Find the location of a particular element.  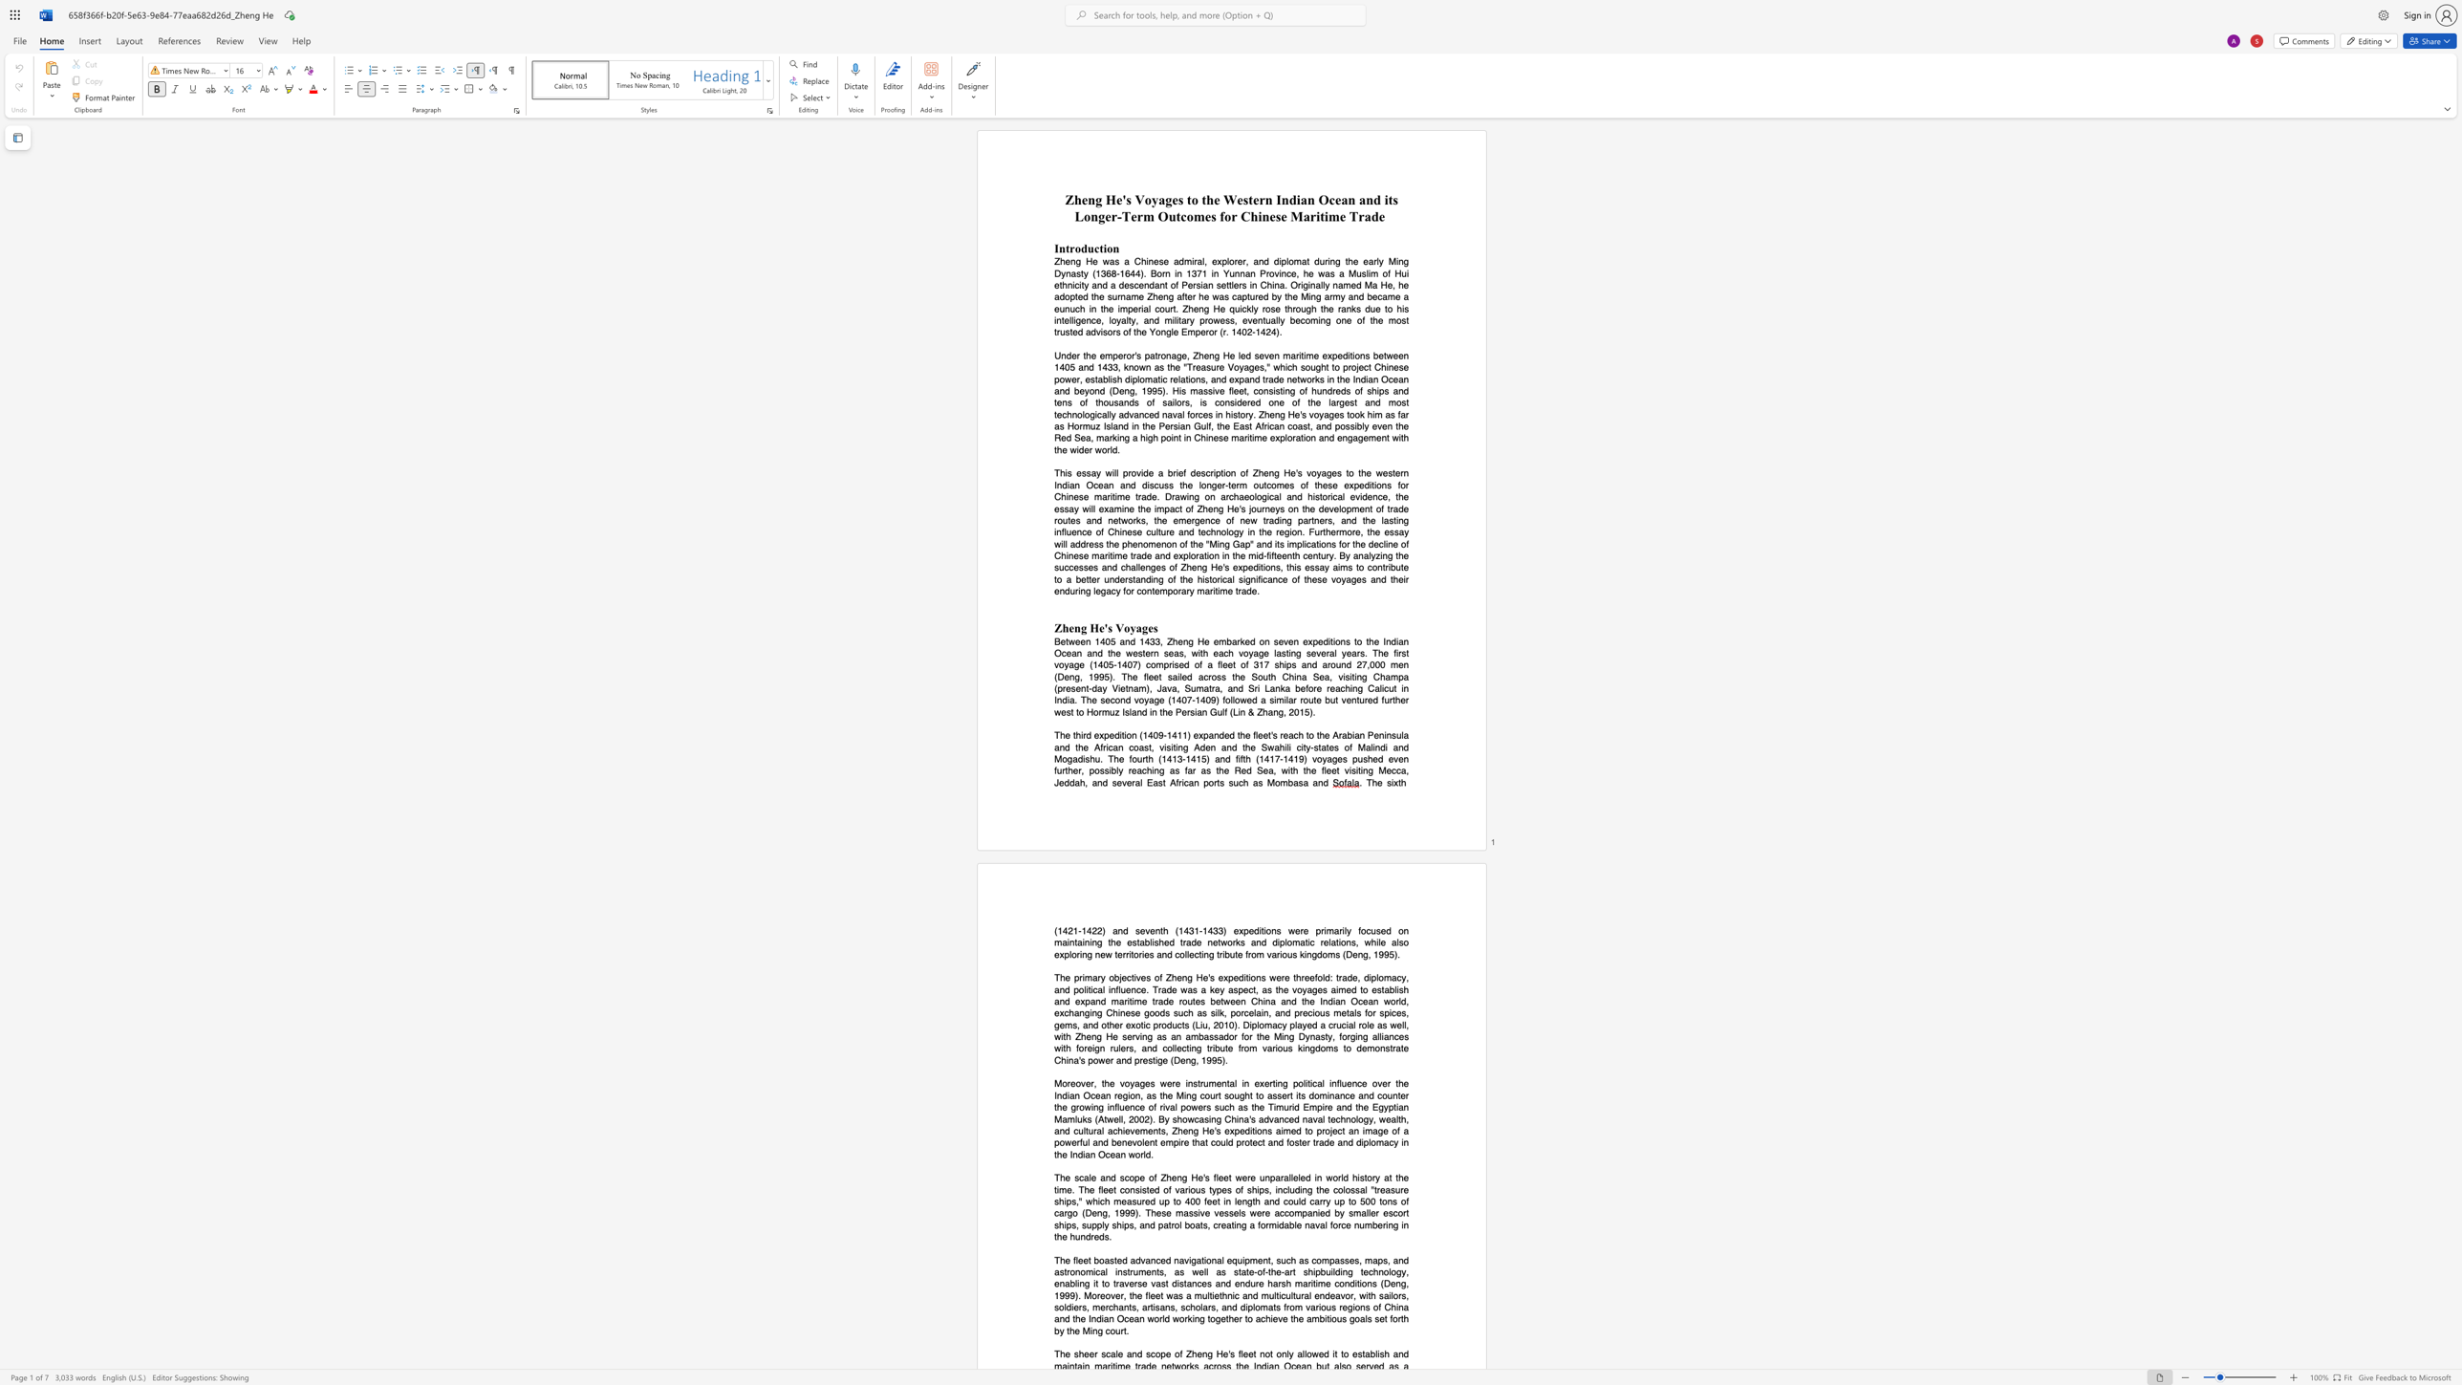

the subset text ", 1995)." within the text "China" is located at coordinates (1195, 1059).